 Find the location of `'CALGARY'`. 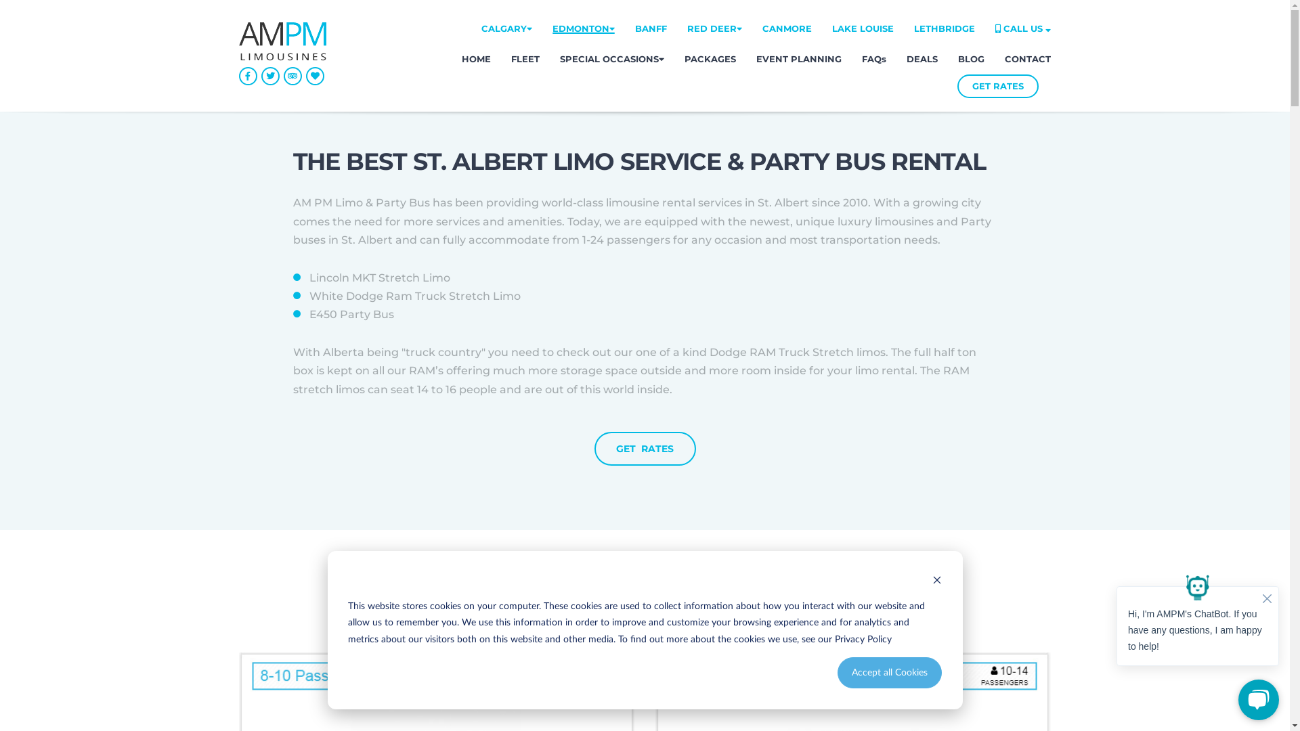

'CALGARY' is located at coordinates (506, 28).